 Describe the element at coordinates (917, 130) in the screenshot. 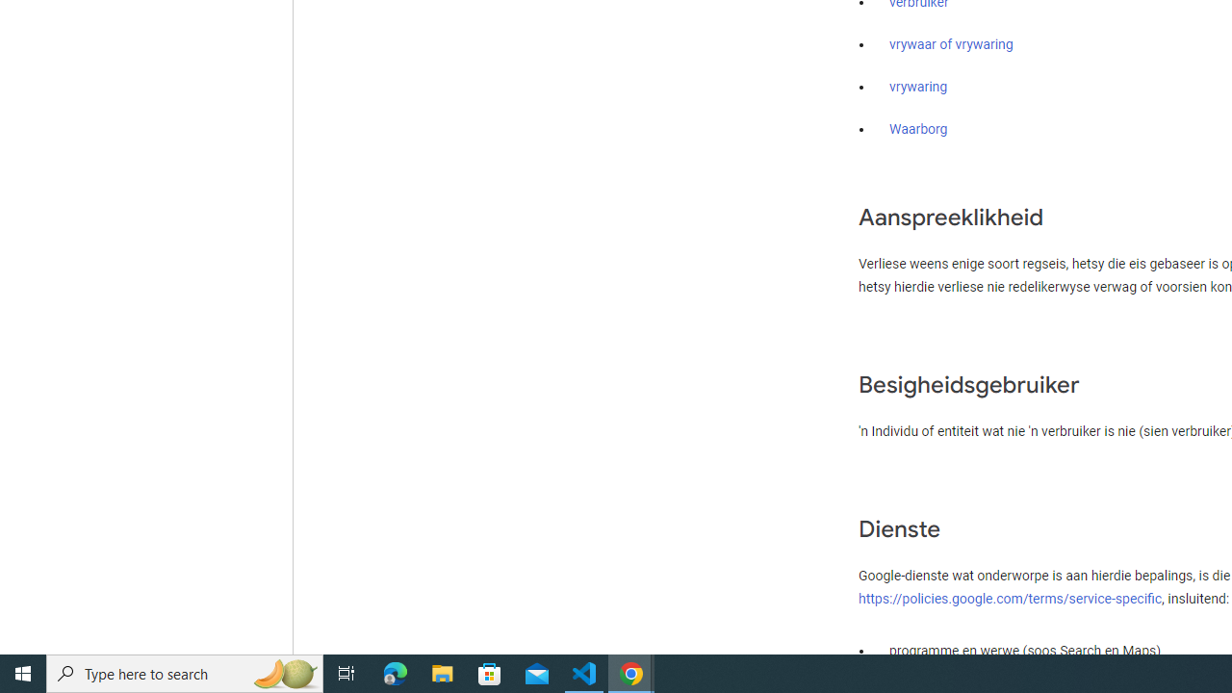

I see `'Waarborg'` at that location.